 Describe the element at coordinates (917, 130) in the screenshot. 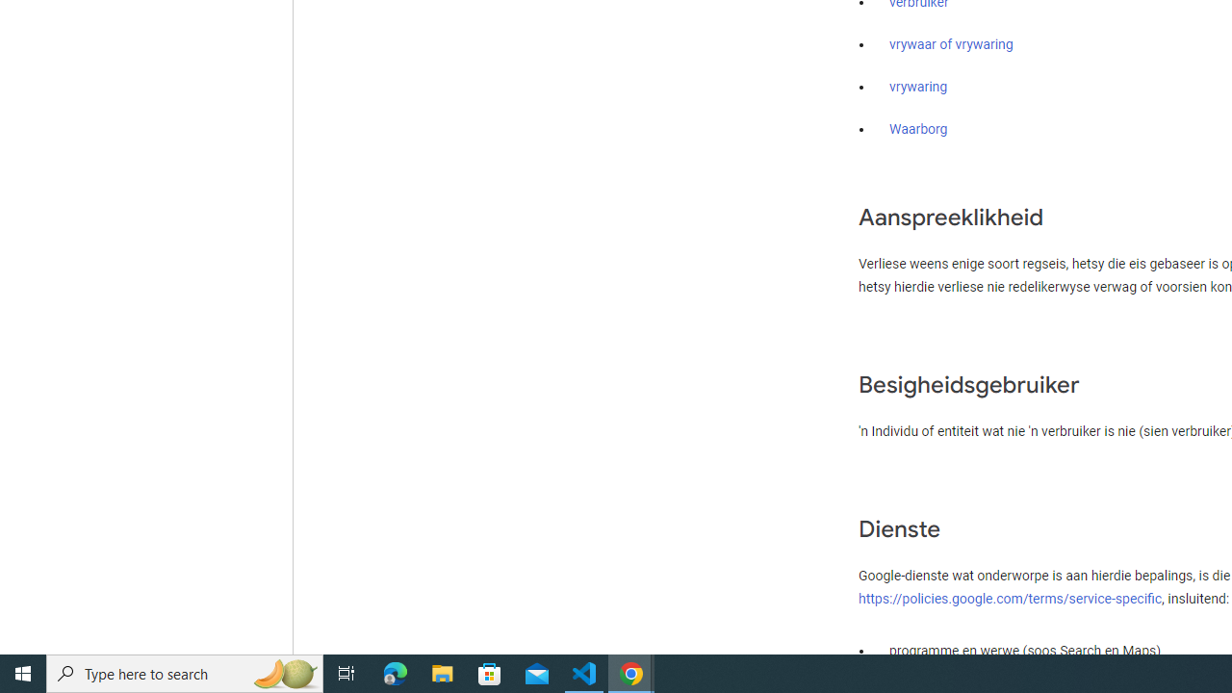

I see `'Waarborg'` at that location.